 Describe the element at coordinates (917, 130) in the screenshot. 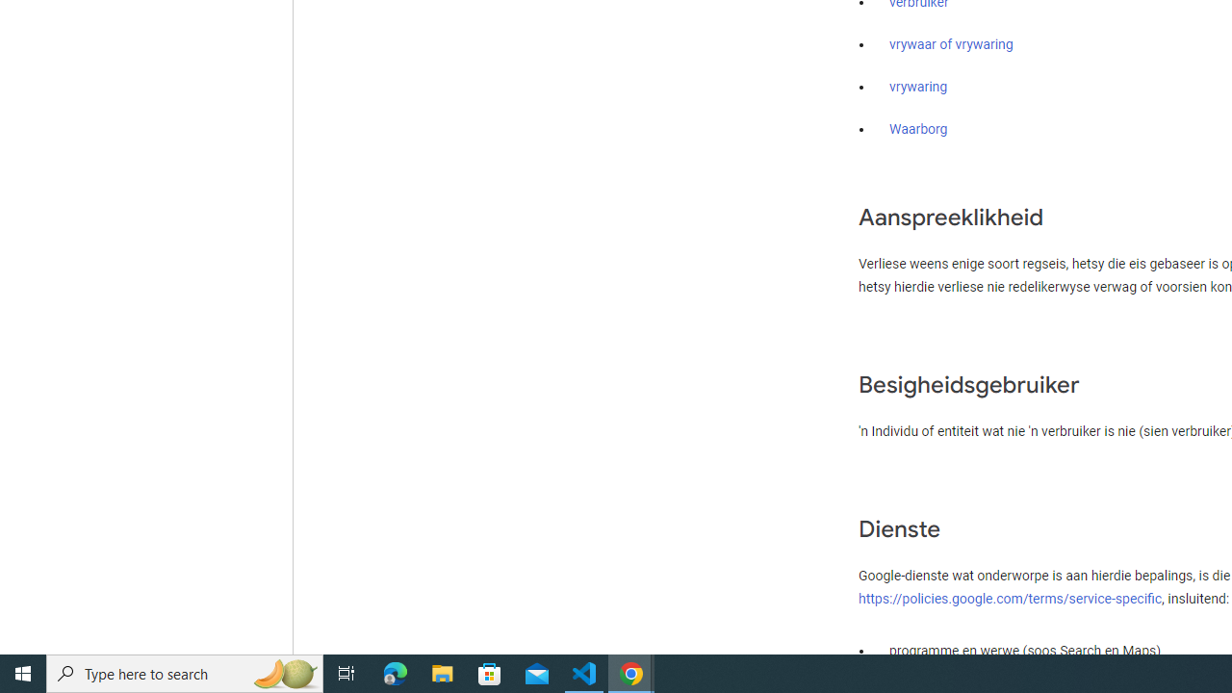

I see `'Waarborg'` at that location.